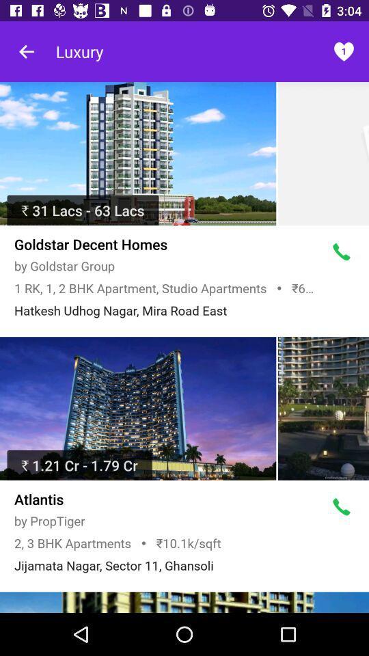  Describe the element at coordinates (27, 51) in the screenshot. I see `go back` at that location.